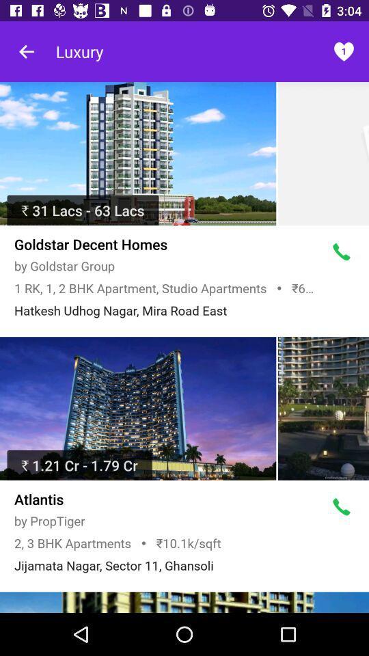  Describe the element at coordinates (27, 51) in the screenshot. I see `go back` at that location.